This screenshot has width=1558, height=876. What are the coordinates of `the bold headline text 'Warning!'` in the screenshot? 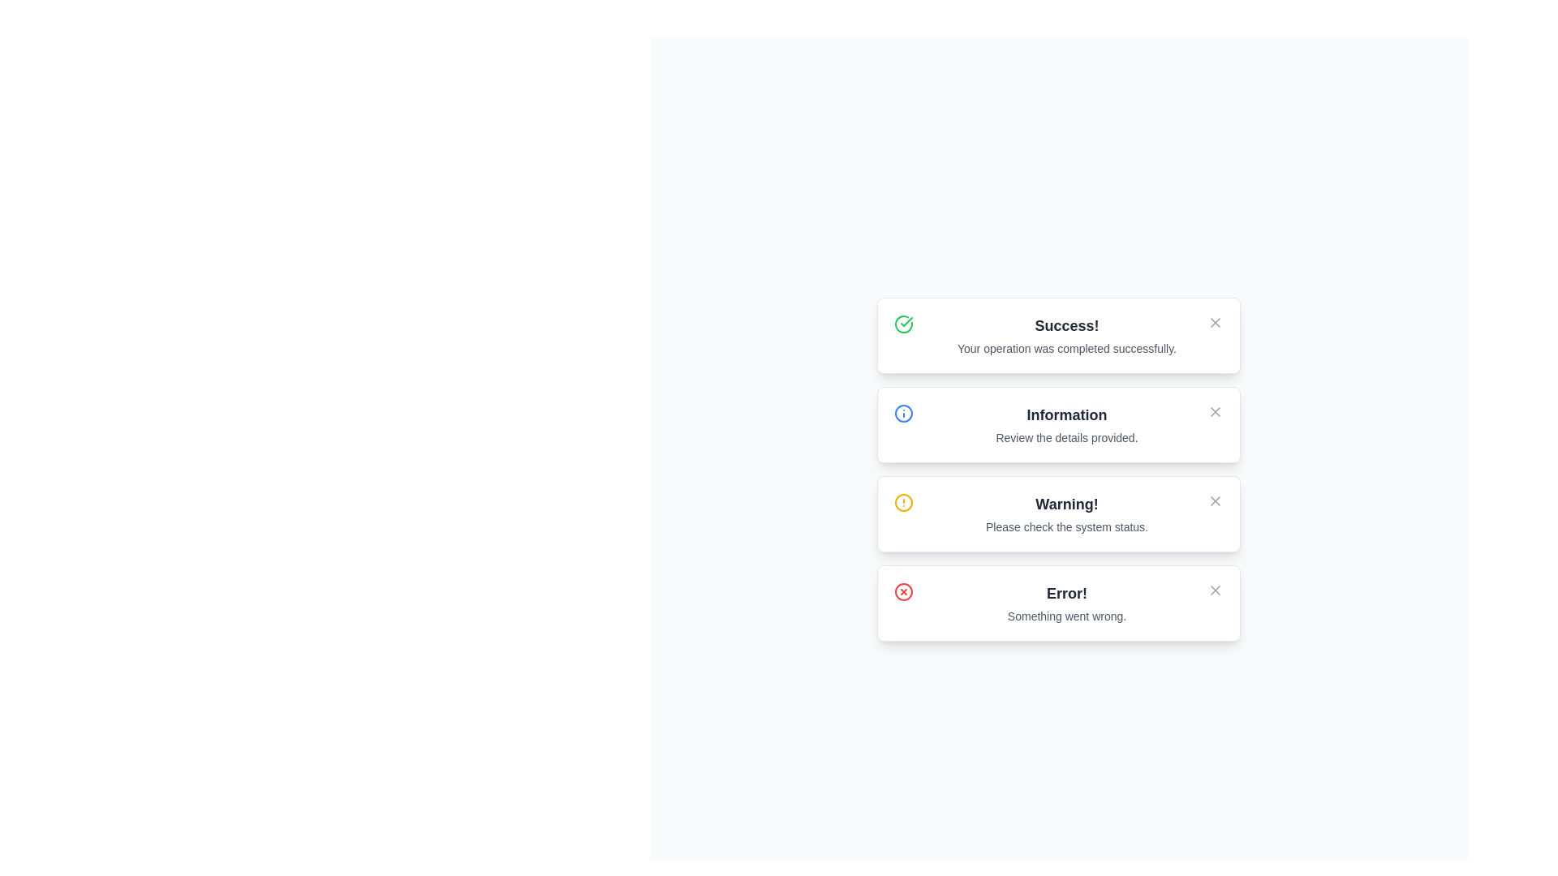 It's located at (1067, 503).